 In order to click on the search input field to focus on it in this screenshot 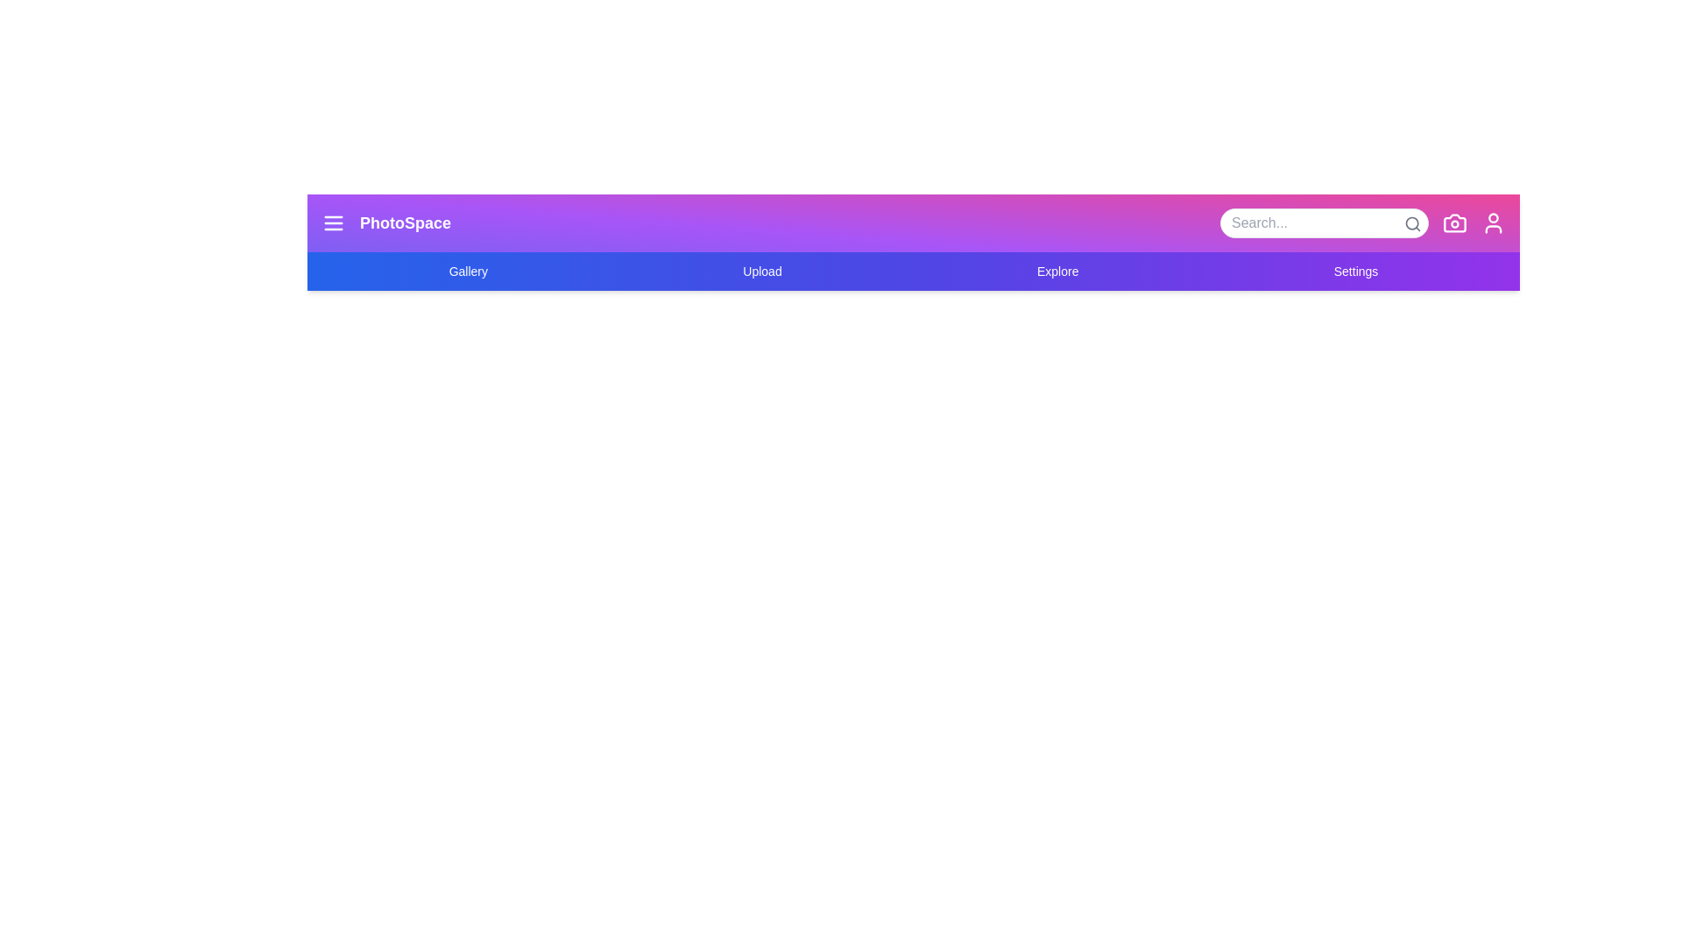, I will do `click(1325, 222)`.